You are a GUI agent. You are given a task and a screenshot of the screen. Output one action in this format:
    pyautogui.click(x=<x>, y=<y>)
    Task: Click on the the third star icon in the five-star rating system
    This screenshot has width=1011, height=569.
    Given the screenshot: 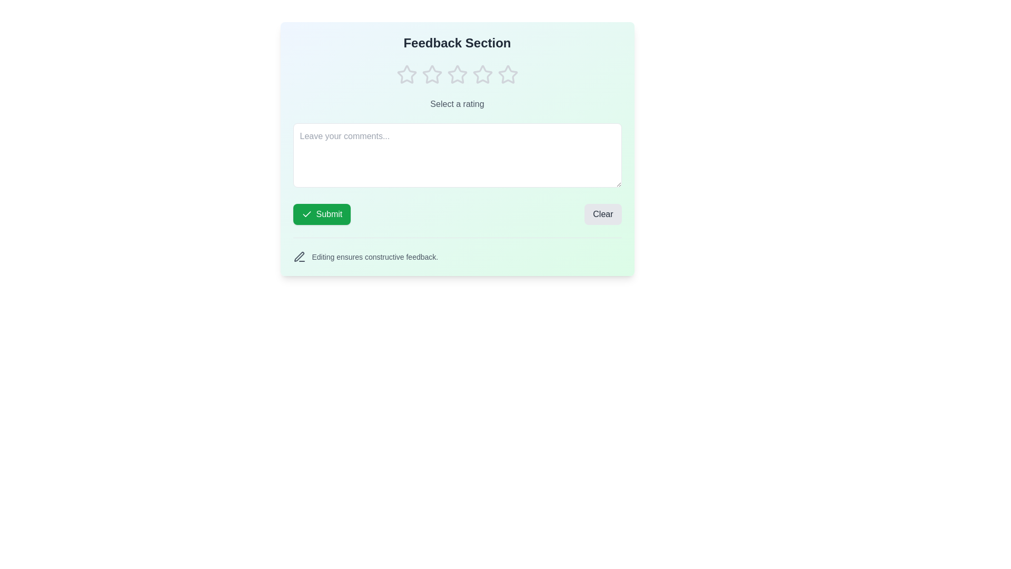 What is the action you would take?
    pyautogui.click(x=457, y=74)
    